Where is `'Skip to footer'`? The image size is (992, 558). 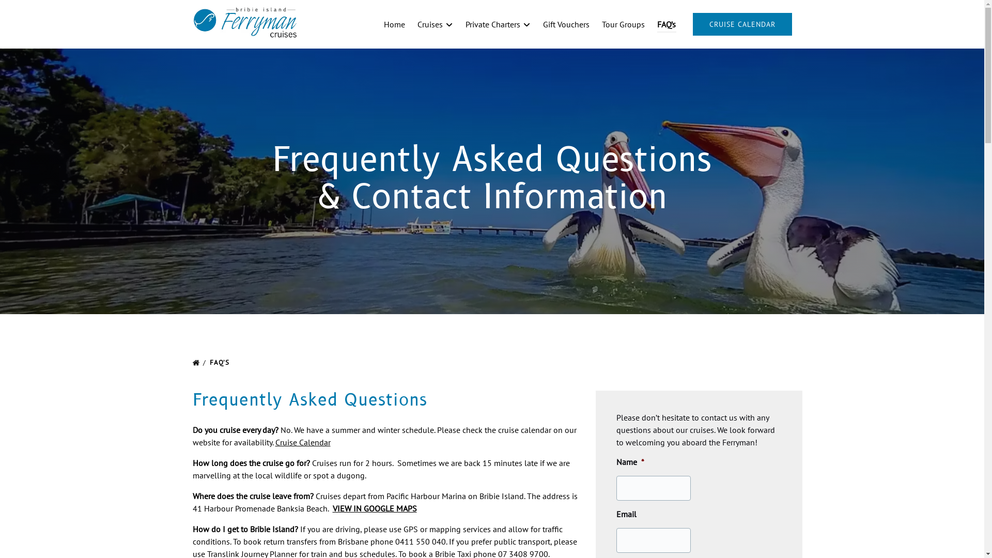 'Skip to footer' is located at coordinates (29, 11).